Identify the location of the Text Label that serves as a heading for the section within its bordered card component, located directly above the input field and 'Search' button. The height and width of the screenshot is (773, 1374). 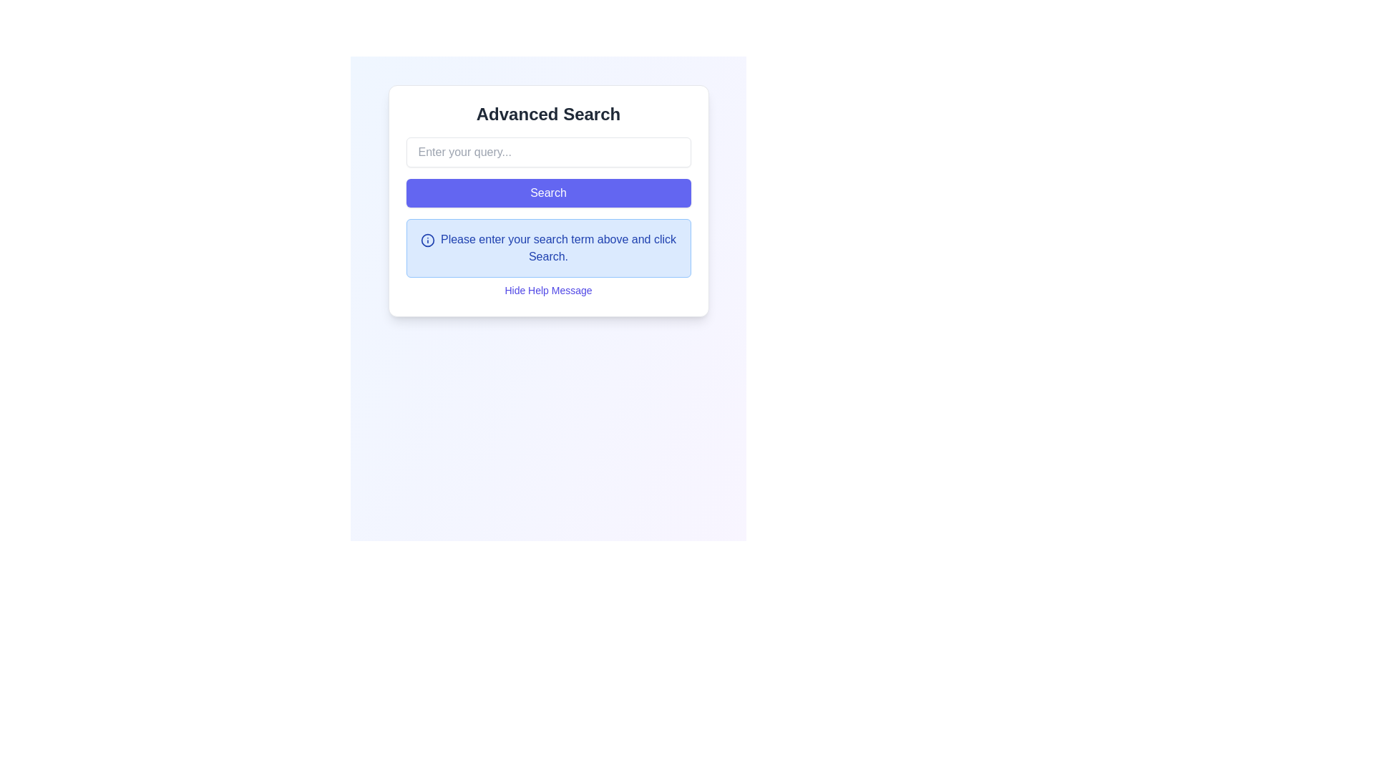
(547, 113).